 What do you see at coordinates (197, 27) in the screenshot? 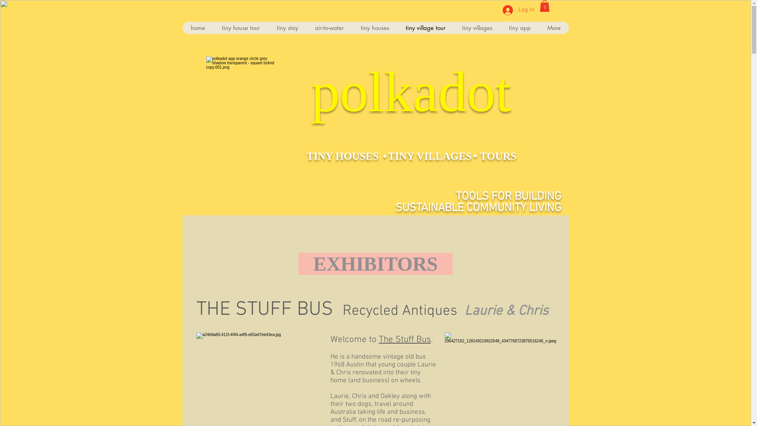
I see `'home'` at bounding box center [197, 27].